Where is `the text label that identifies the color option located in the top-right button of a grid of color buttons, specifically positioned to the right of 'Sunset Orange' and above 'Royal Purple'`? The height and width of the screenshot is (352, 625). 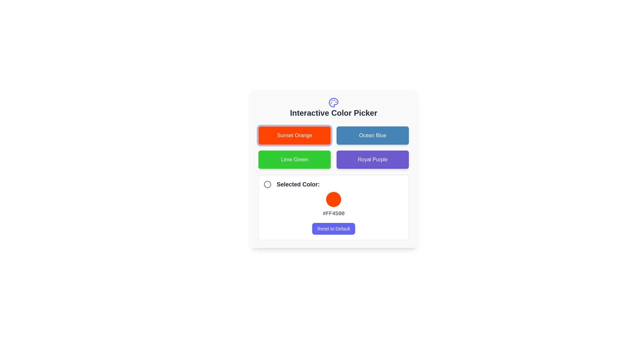 the text label that identifies the color option located in the top-right button of a grid of color buttons, specifically positioned to the right of 'Sunset Orange' and above 'Royal Purple' is located at coordinates (373, 135).